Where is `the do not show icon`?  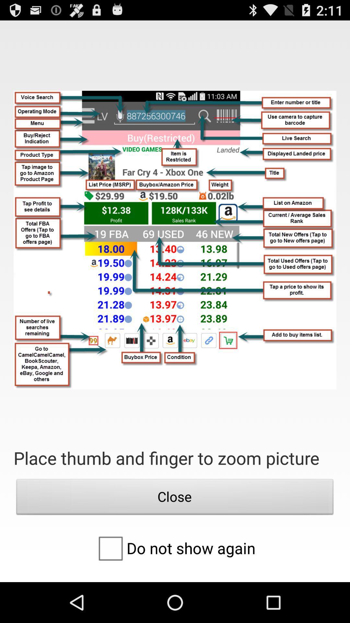
the do not show icon is located at coordinates (174, 548).